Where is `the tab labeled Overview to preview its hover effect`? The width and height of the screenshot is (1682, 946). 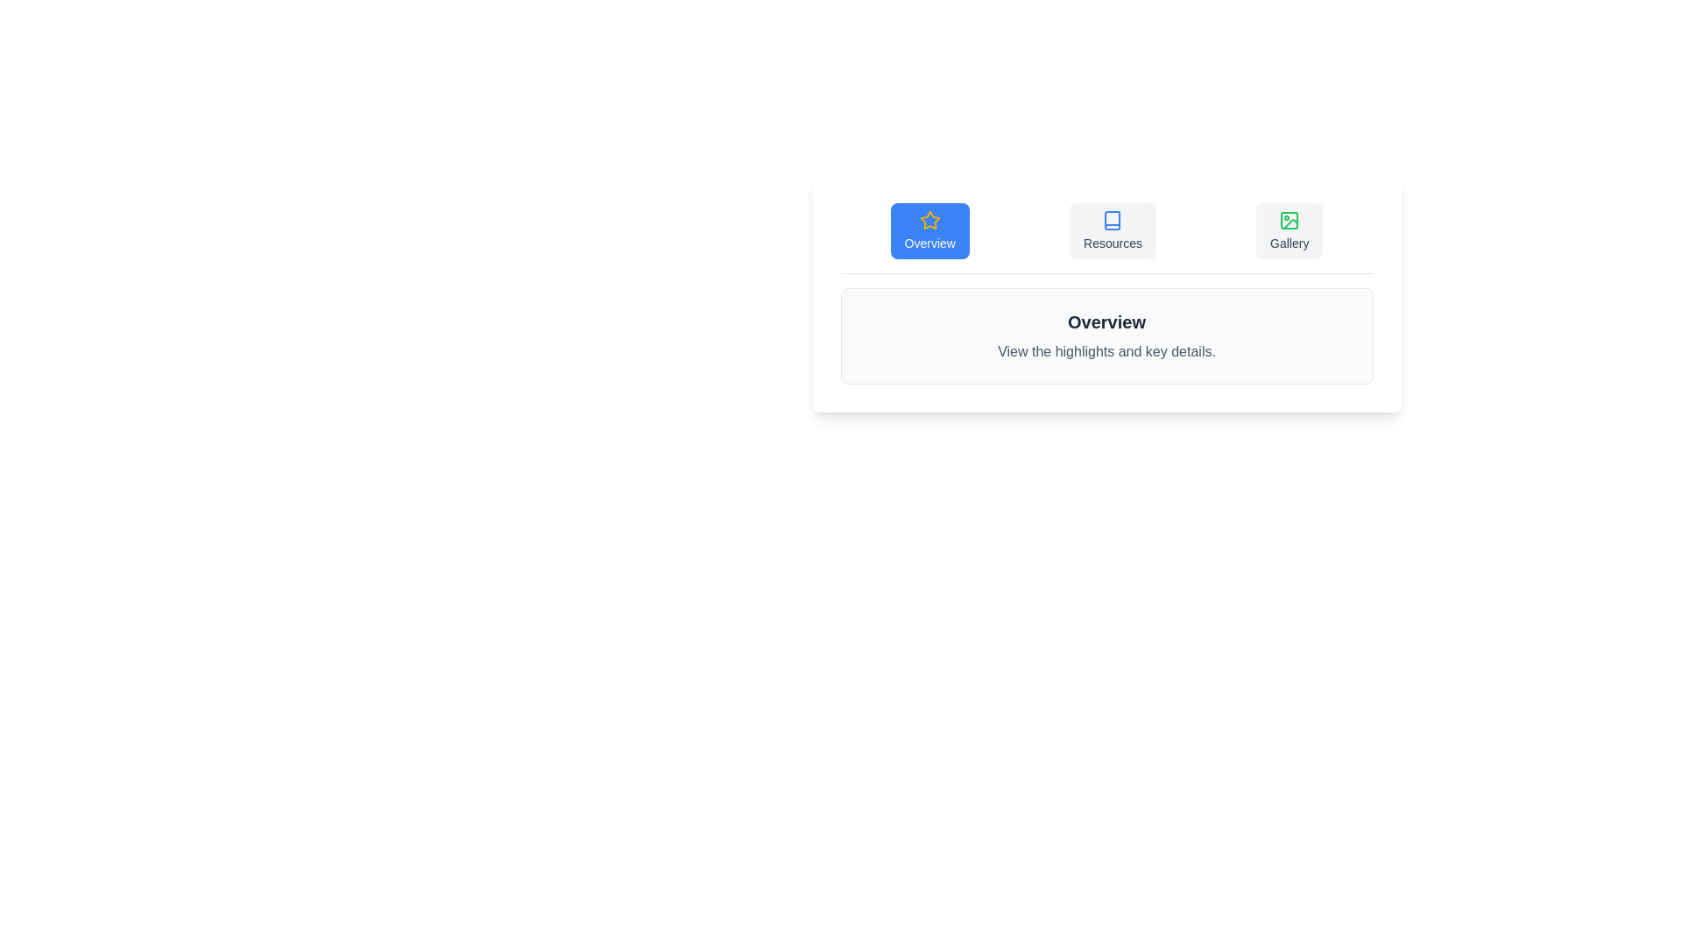 the tab labeled Overview to preview its hover effect is located at coordinates (929, 229).